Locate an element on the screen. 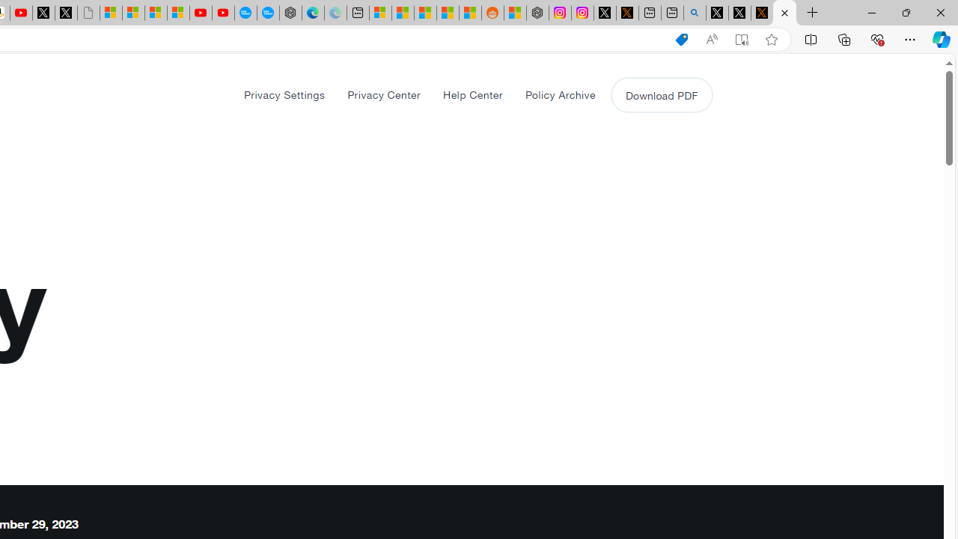 The image size is (958, 539). 'Microsoft account | Microsoft Account Privacy Settings' is located at coordinates (380, 13).